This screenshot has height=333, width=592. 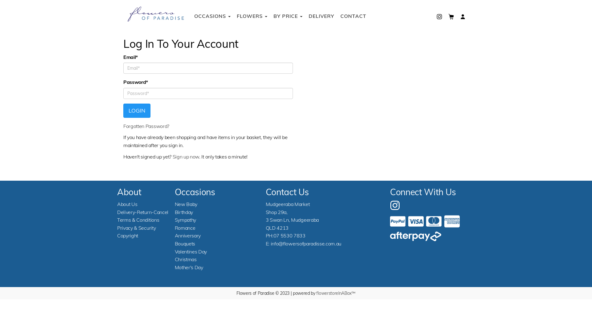 What do you see at coordinates (185, 228) in the screenshot?
I see `'Romance'` at bounding box center [185, 228].